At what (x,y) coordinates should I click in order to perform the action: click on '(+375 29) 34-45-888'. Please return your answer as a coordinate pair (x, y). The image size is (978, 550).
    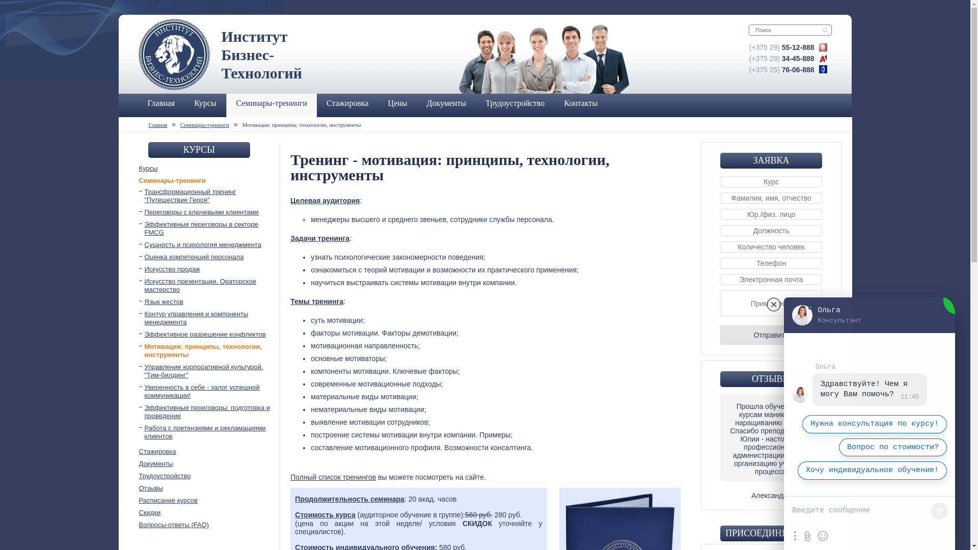
    Looking at the image, I should click on (781, 59).